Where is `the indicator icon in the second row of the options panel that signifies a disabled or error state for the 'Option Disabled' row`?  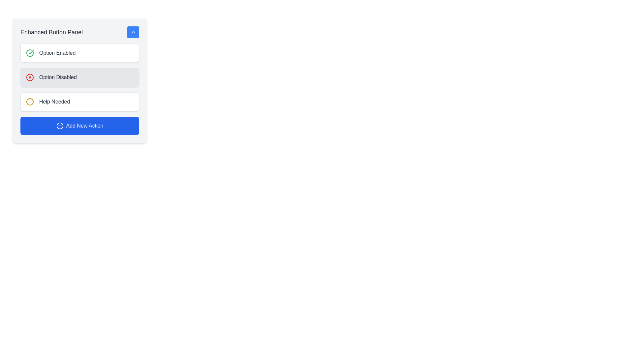 the indicator icon in the second row of the options panel that signifies a disabled or error state for the 'Option Disabled' row is located at coordinates (30, 77).